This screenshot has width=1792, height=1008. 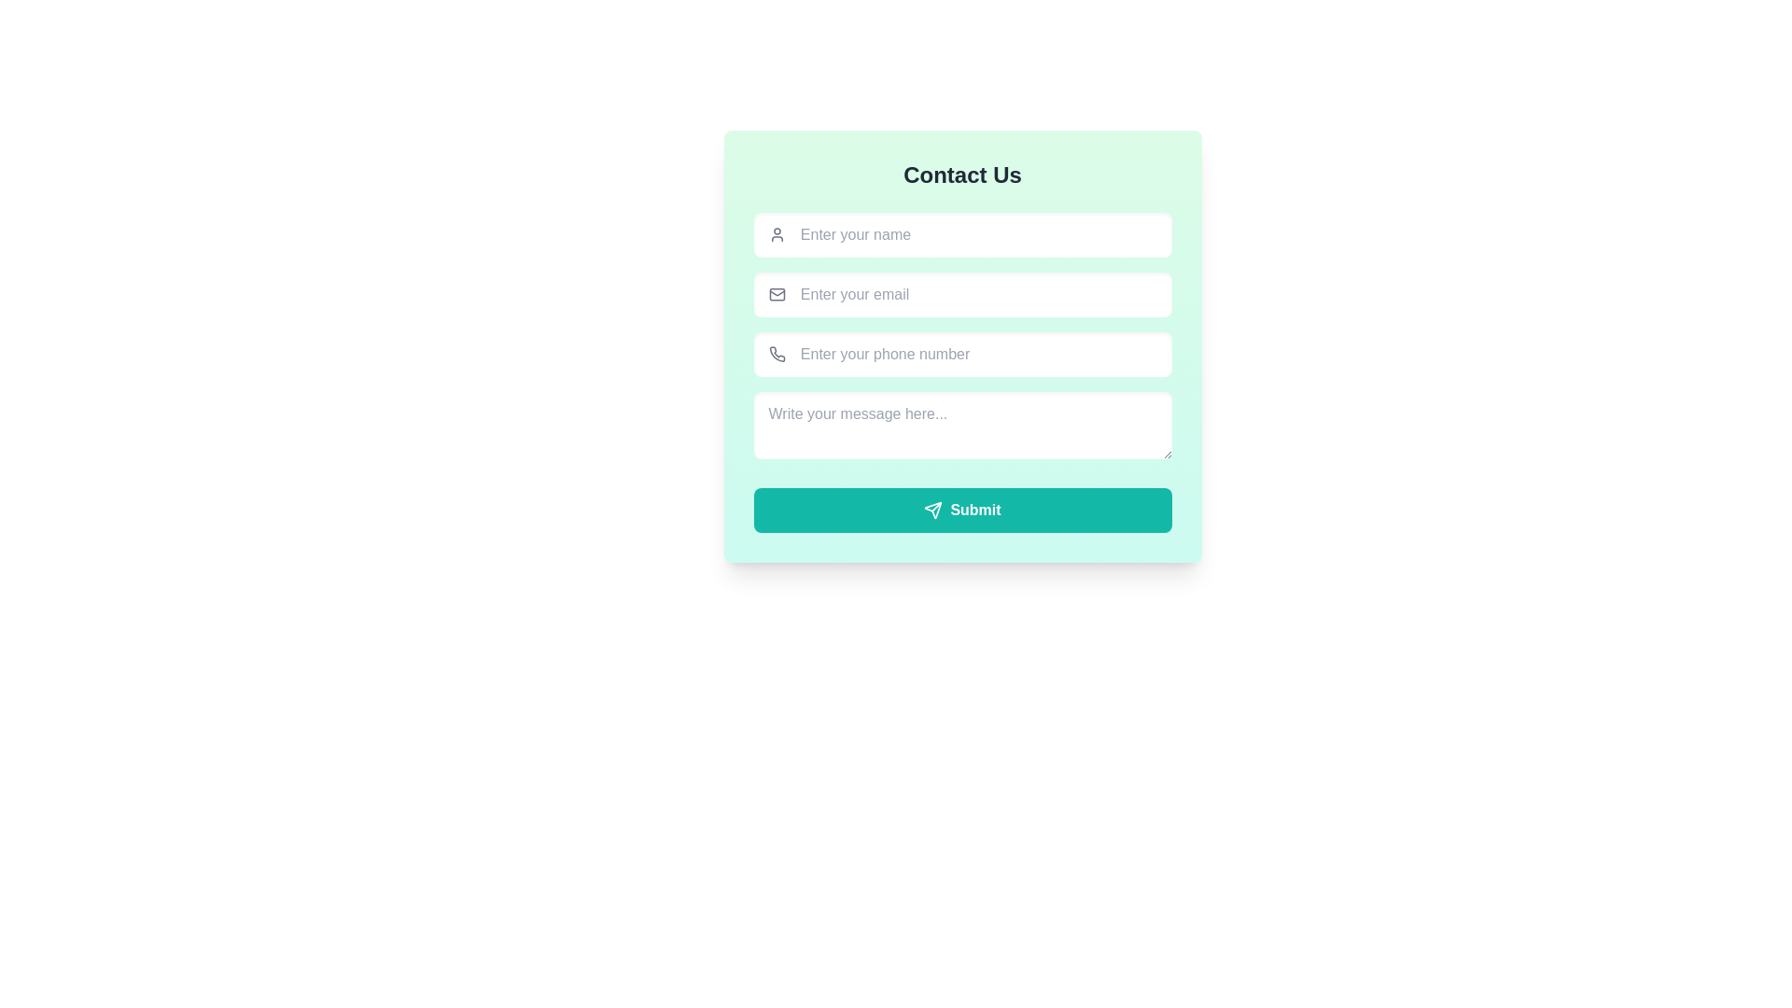 What do you see at coordinates (974, 511) in the screenshot?
I see `label of the button that submits the form data, which is located at the center-right part of the teal-colored button within the 'Contact Us' form interface` at bounding box center [974, 511].